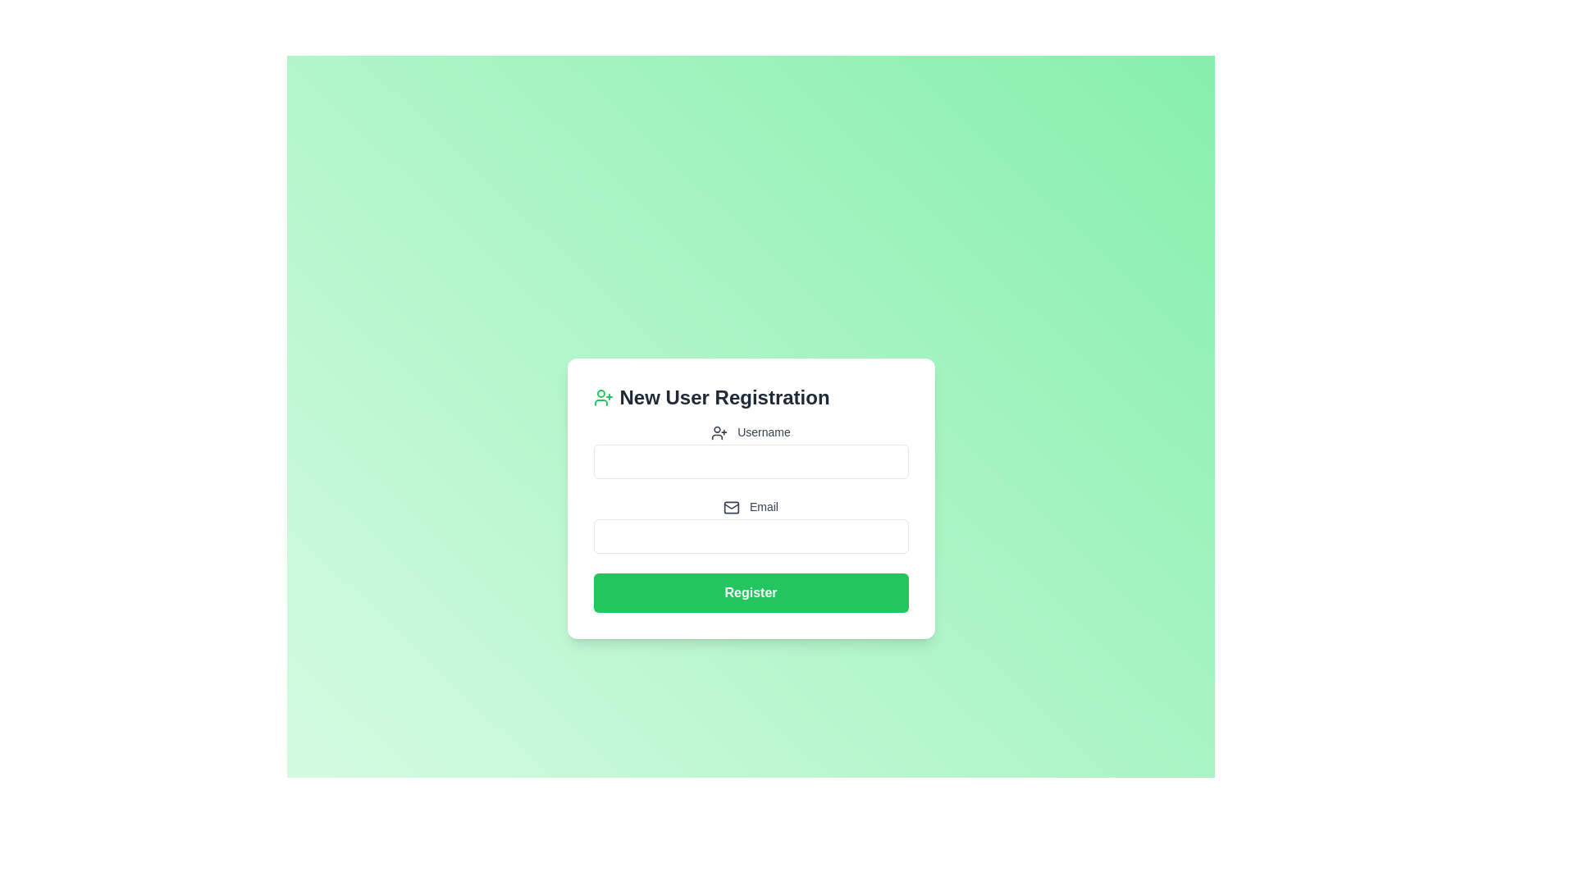 This screenshot has width=1575, height=886. What do you see at coordinates (731, 507) in the screenshot?
I see `the mail icon, which is a dark gray outlined envelope symbol located to the left of the 'Email' text in the email input row of the form` at bounding box center [731, 507].